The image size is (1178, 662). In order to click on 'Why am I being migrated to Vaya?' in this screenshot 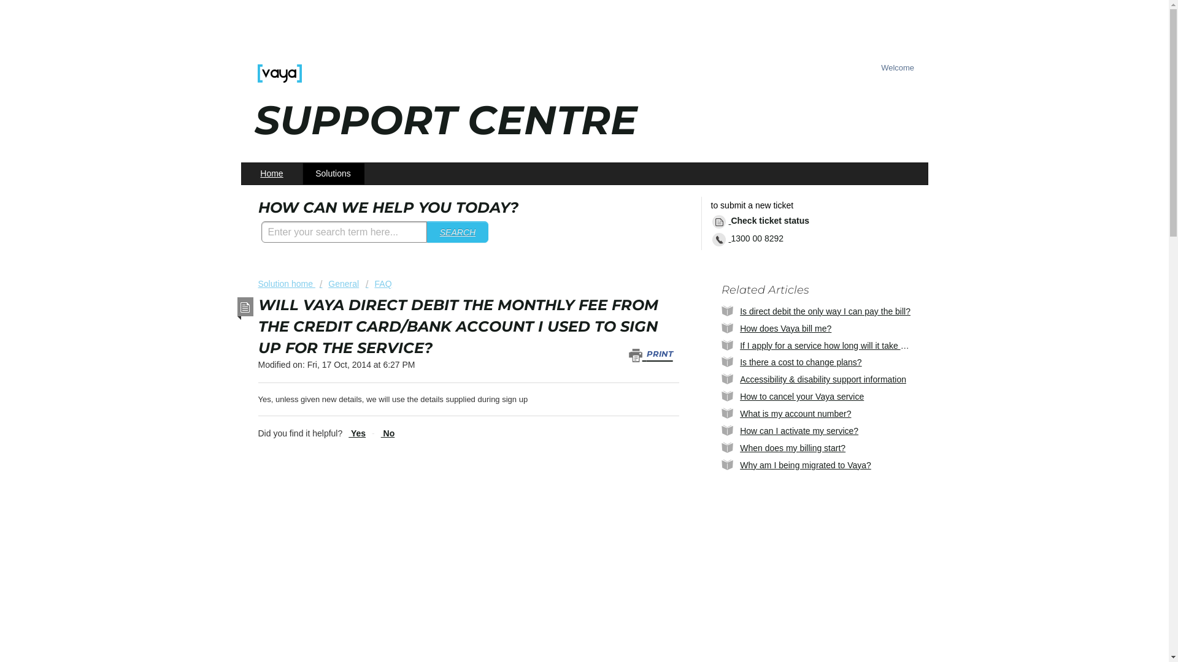, I will do `click(806, 465)`.